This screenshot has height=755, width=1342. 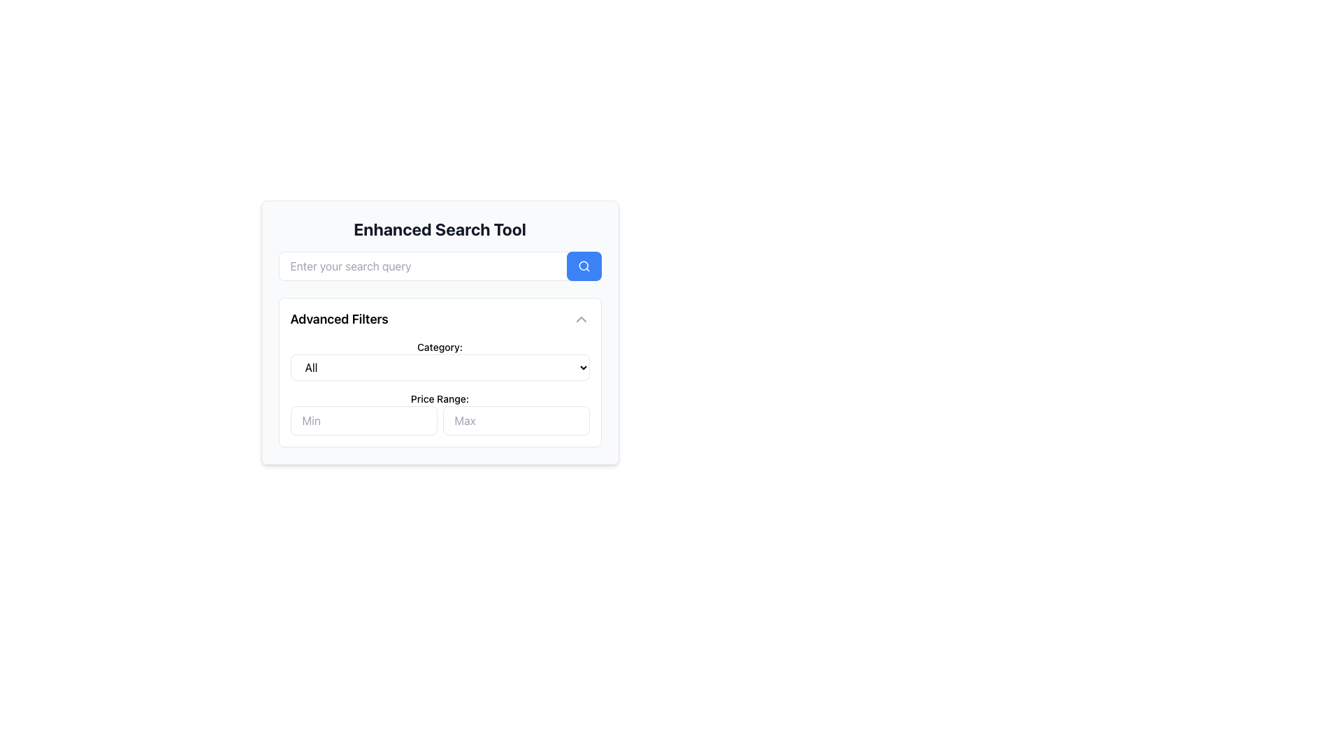 What do you see at coordinates (439, 398) in the screenshot?
I see `the label reading 'Price Range:' located in the 'Advanced Filters' section, positioned directly above the 'Min' and 'Max' inputs` at bounding box center [439, 398].